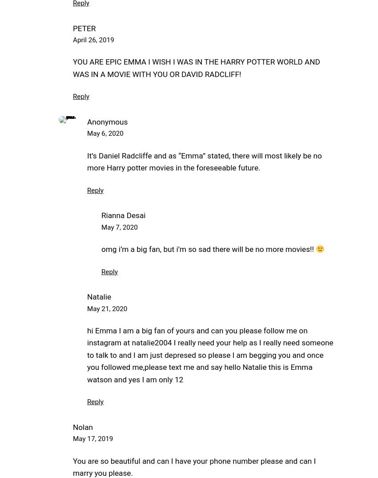  What do you see at coordinates (209, 248) in the screenshot?
I see `'omg i’m a big fan, but i’m so sad there will be no more movies!!'` at bounding box center [209, 248].